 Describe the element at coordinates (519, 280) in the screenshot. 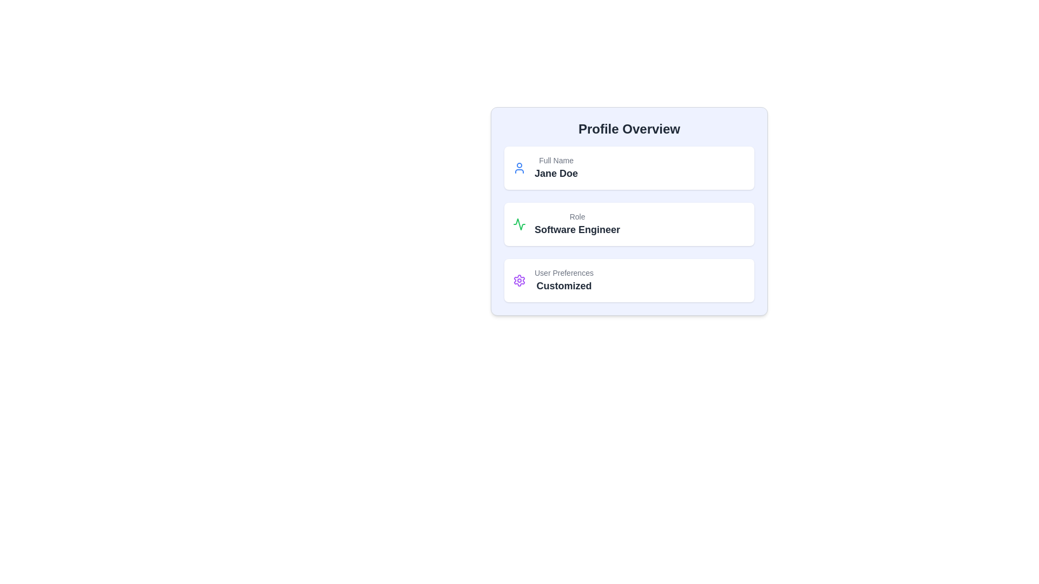

I see `the gear-shaped icon, which is purple and located in the middle-right part of the interface` at that location.